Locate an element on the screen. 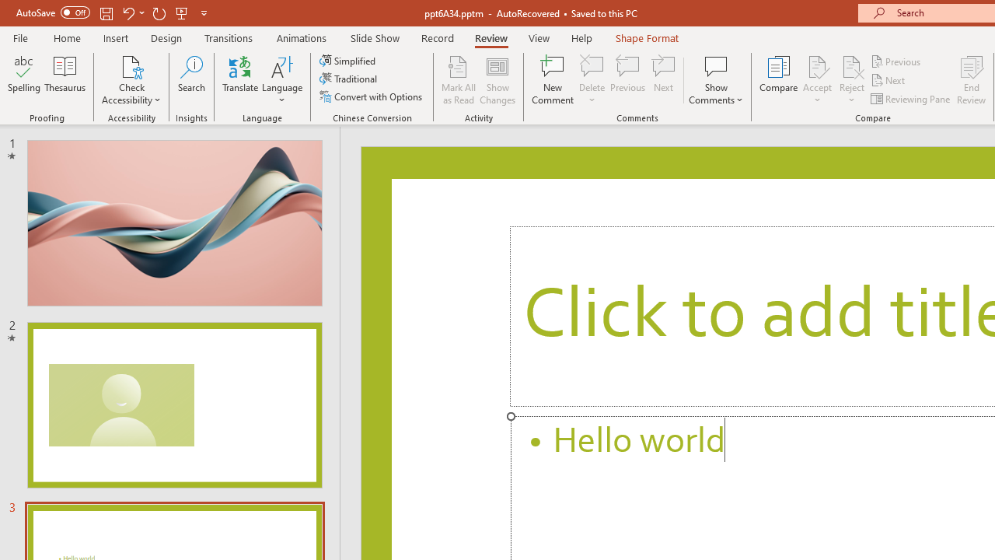  'Record' is located at coordinates (436, 37).